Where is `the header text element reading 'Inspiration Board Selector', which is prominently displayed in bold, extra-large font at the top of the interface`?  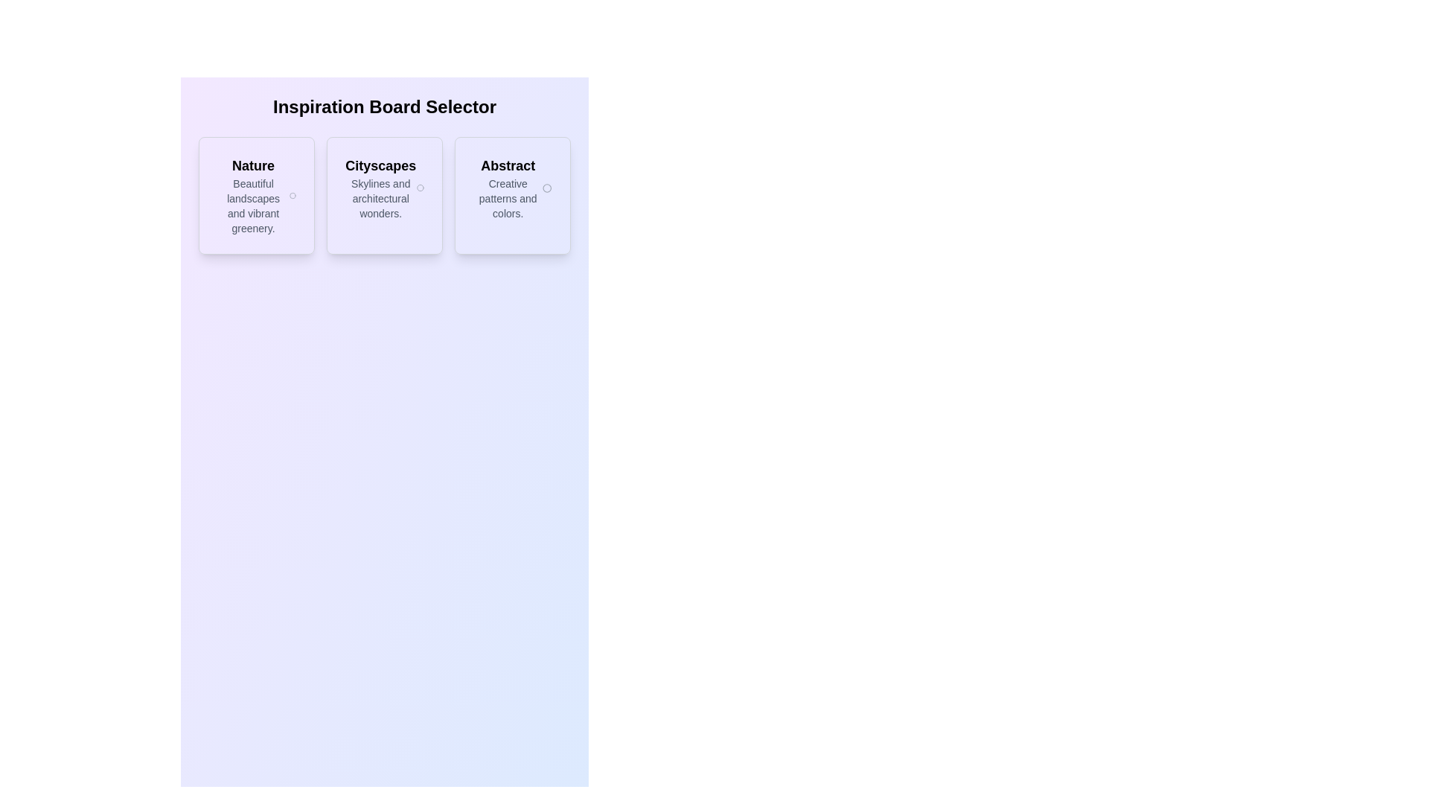
the header text element reading 'Inspiration Board Selector', which is prominently displayed in bold, extra-large font at the top of the interface is located at coordinates (385, 106).